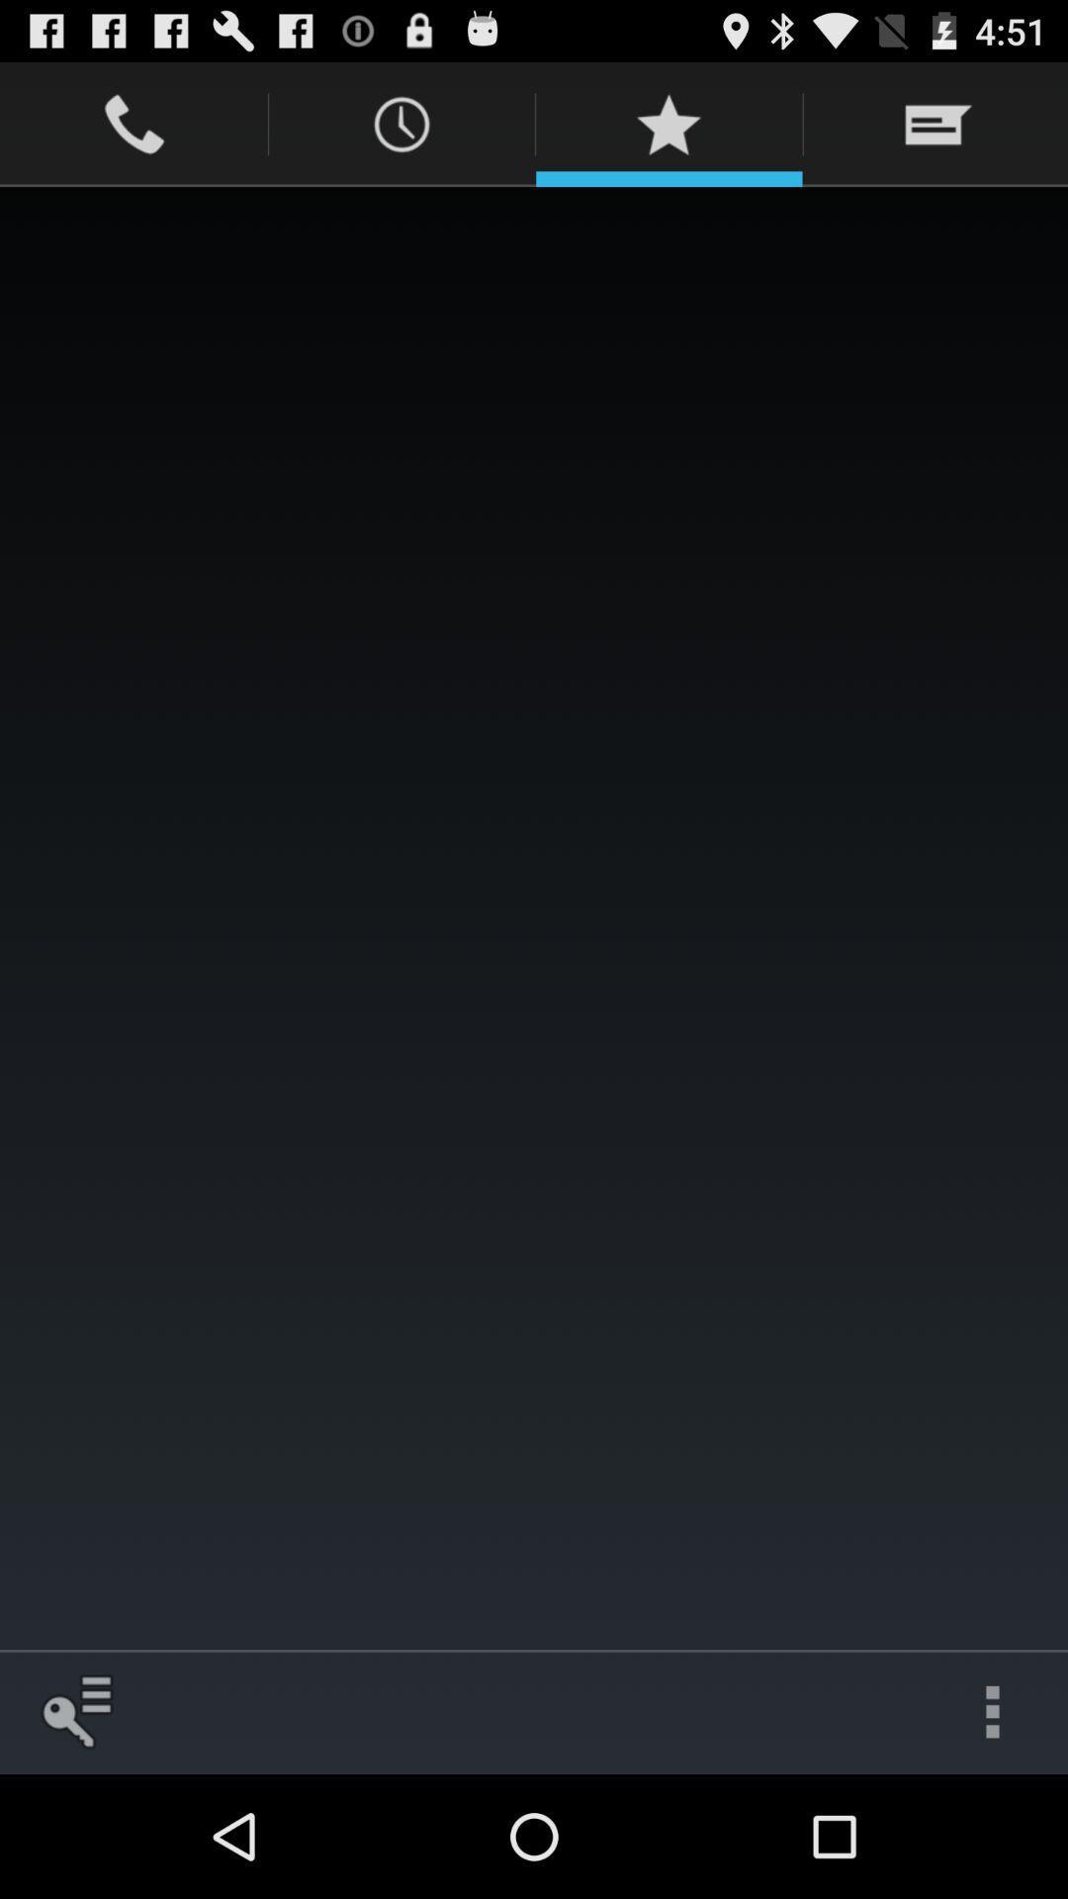 This screenshot has width=1068, height=1899. I want to click on the item at the center, so click(534, 917).